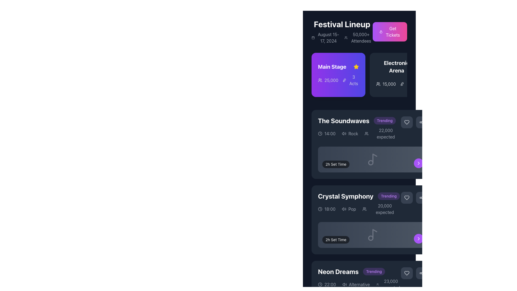 Image resolution: width=517 pixels, height=291 pixels. I want to click on the text display showing '20,000 expected', which is visually grouped with an icon and located below it, to engage with related components nearby, so click(385, 209).